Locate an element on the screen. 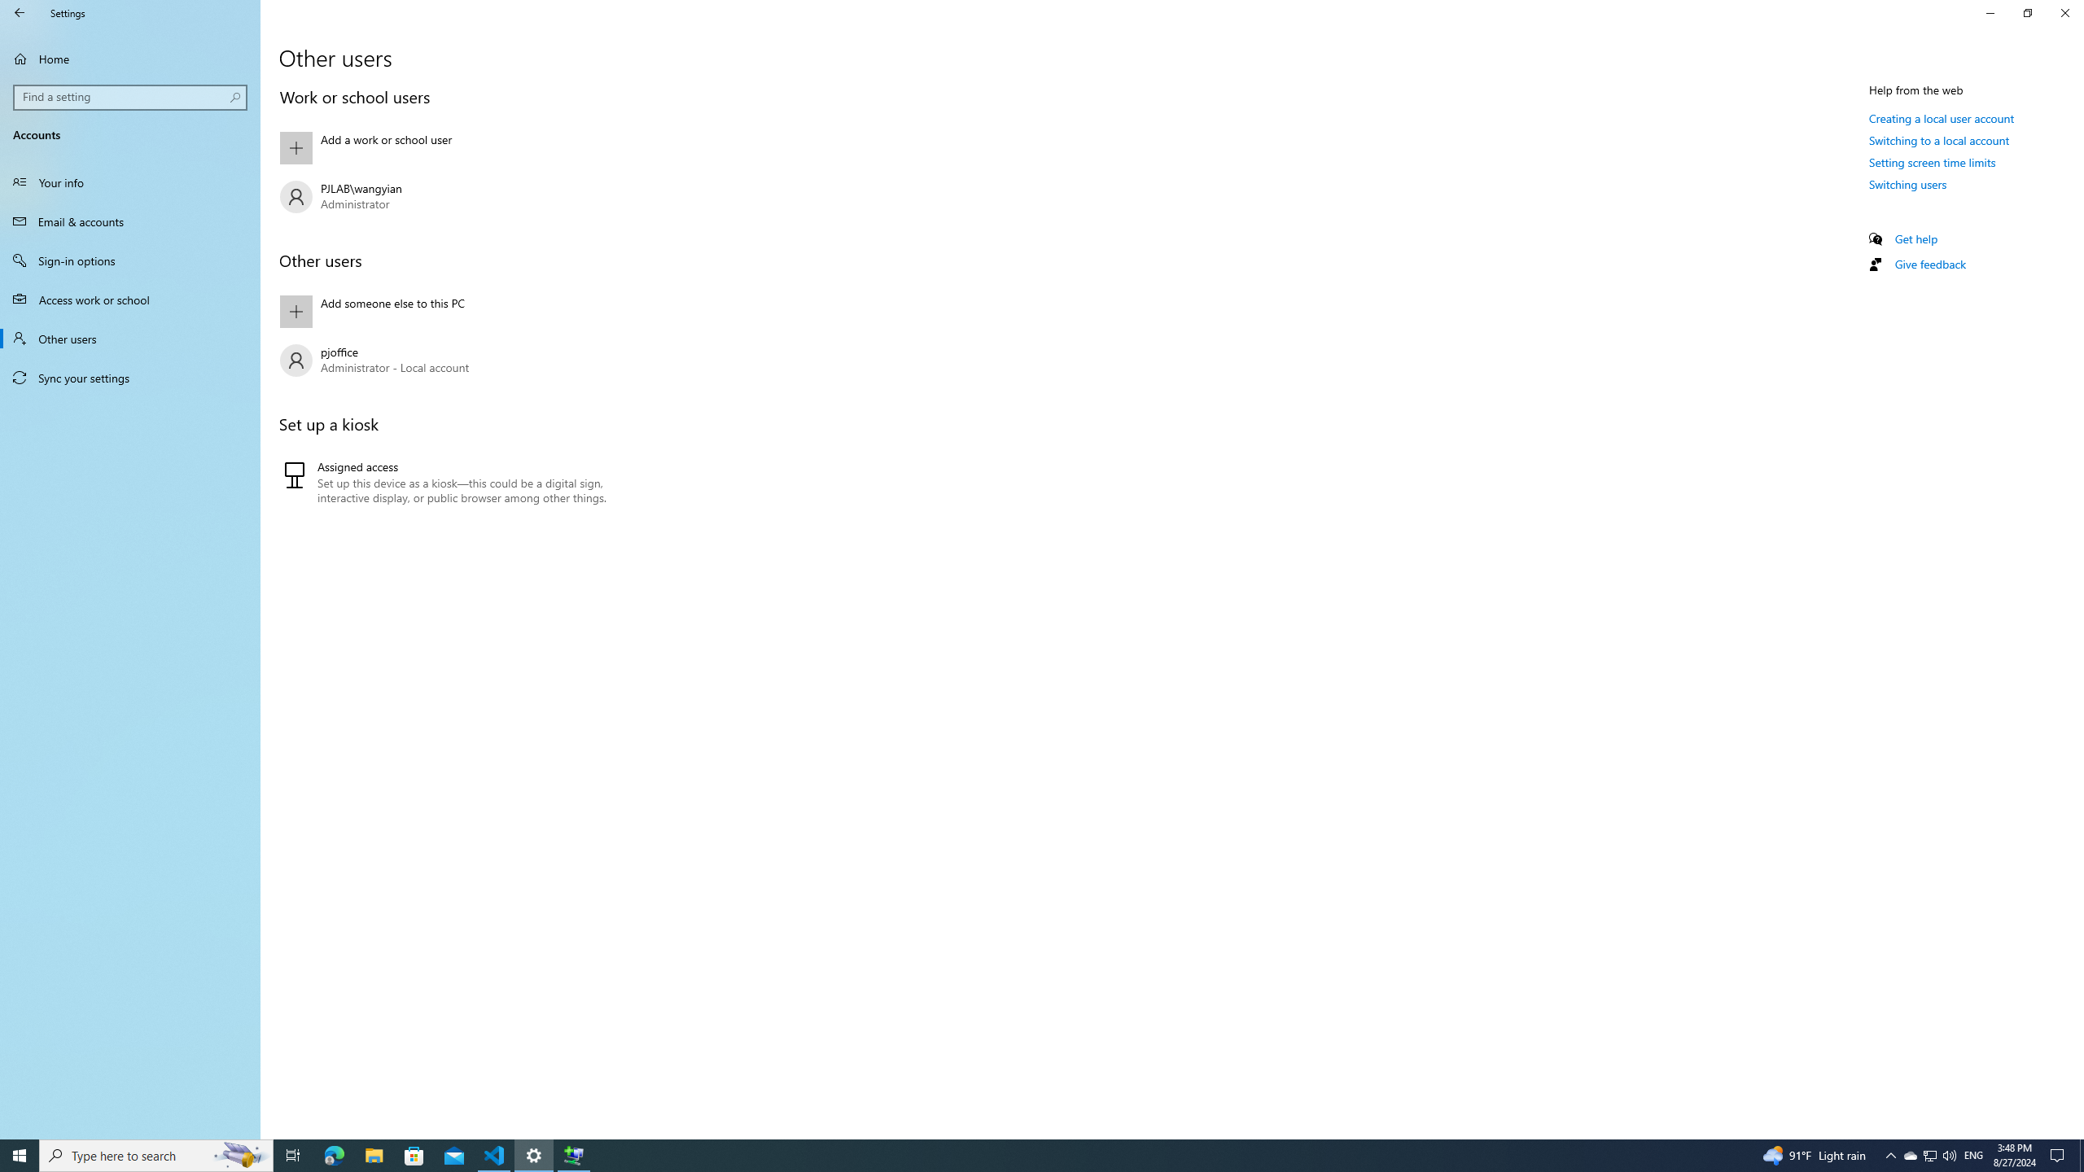  'Switching users' is located at coordinates (1907, 183).